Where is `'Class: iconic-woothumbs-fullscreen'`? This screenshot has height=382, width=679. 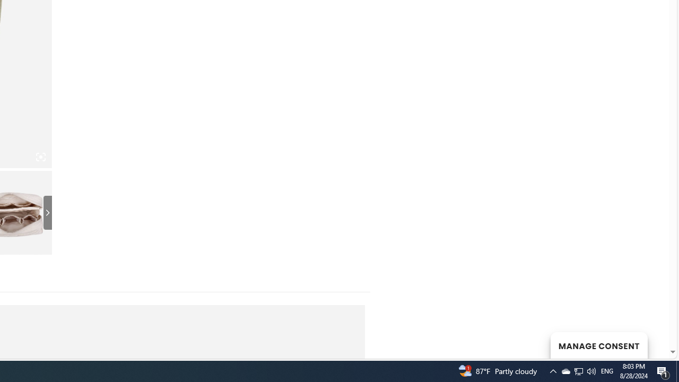
'Class: iconic-woothumbs-fullscreen' is located at coordinates (40, 157).